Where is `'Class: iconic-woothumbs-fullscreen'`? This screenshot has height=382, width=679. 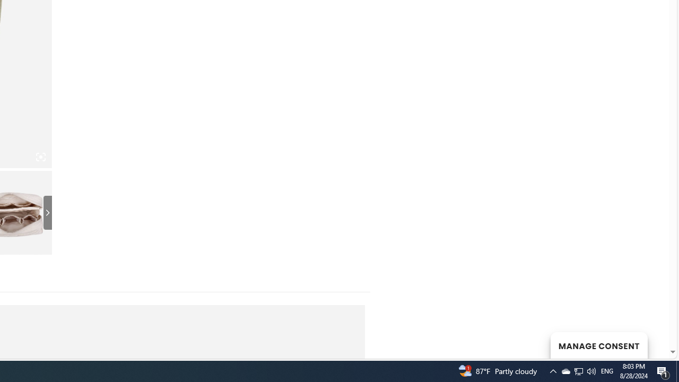
'Class: iconic-woothumbs-fullscreen' is located at coordinates (40, 157).